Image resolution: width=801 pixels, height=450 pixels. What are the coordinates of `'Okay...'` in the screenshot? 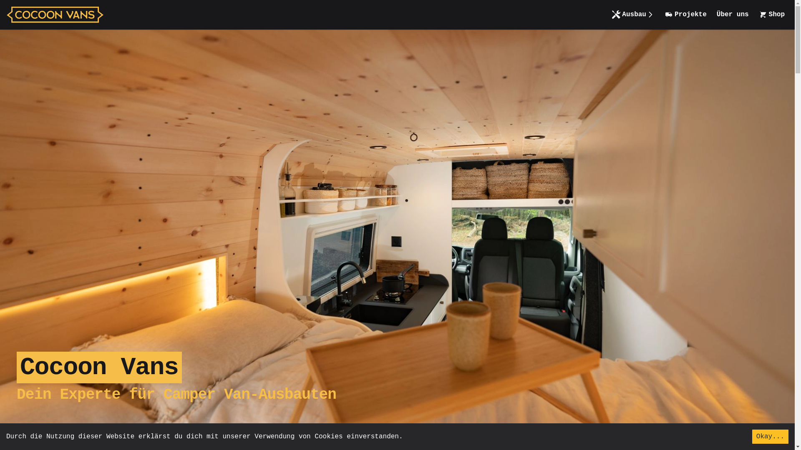 It's located at (770, 436).